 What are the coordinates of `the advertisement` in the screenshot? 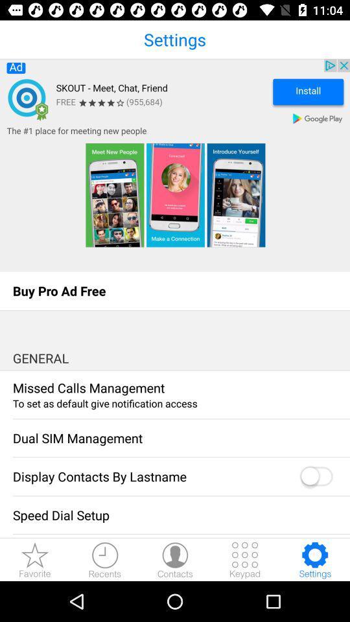 It's located at (175, 165).